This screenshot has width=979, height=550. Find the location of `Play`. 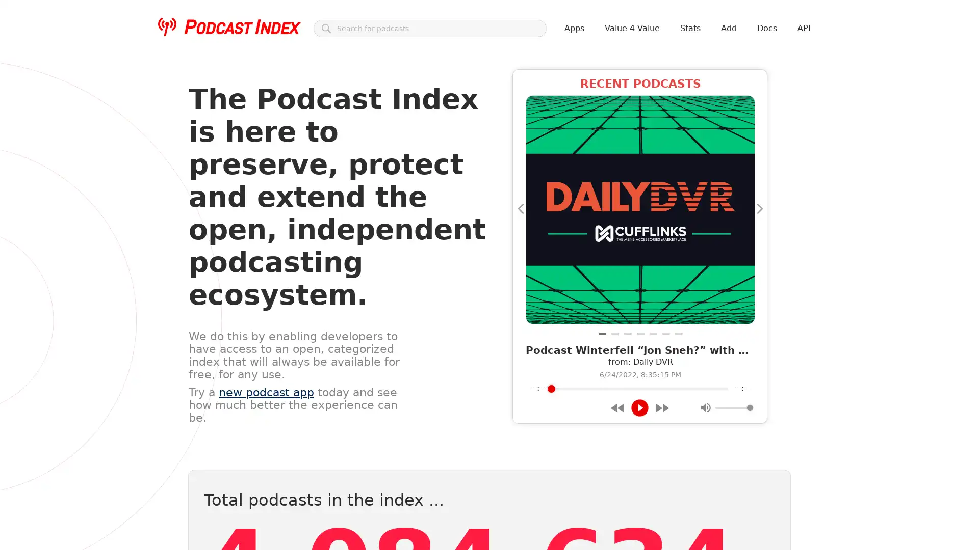

Play is located at coordinates (639, 407).